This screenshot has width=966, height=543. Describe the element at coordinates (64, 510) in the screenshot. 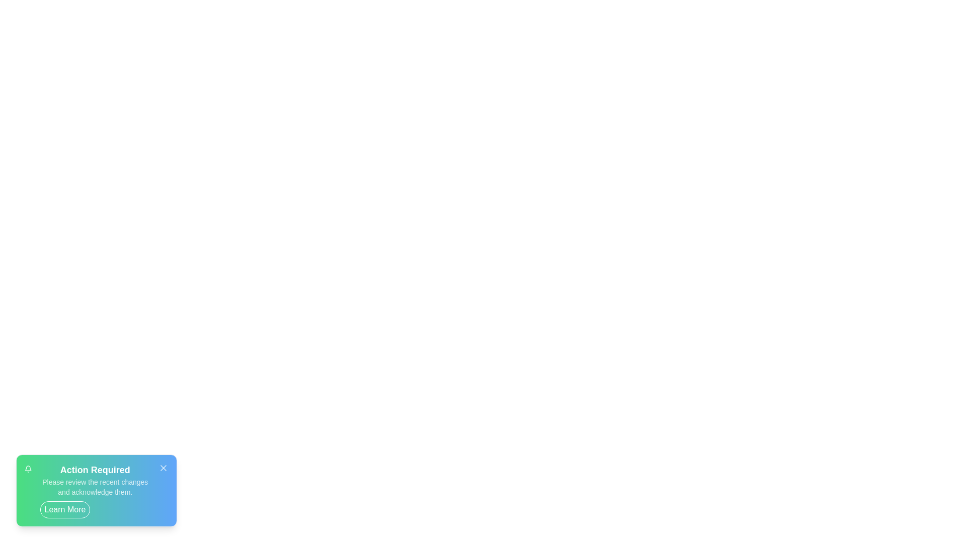

I see `'Learn More' button to learn more about the notification` at that location.